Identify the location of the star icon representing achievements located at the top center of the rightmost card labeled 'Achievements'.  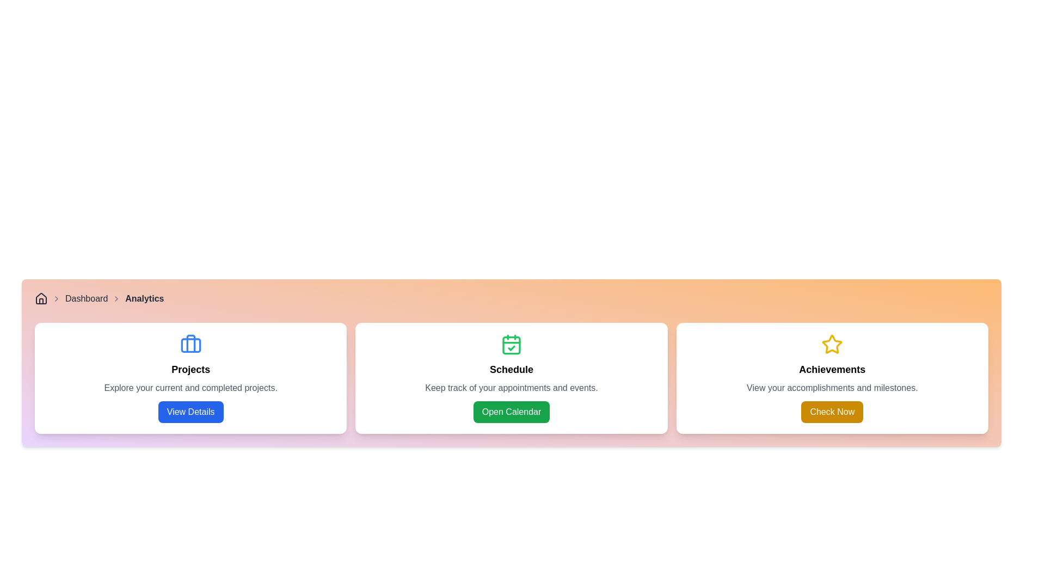
(832, 344).